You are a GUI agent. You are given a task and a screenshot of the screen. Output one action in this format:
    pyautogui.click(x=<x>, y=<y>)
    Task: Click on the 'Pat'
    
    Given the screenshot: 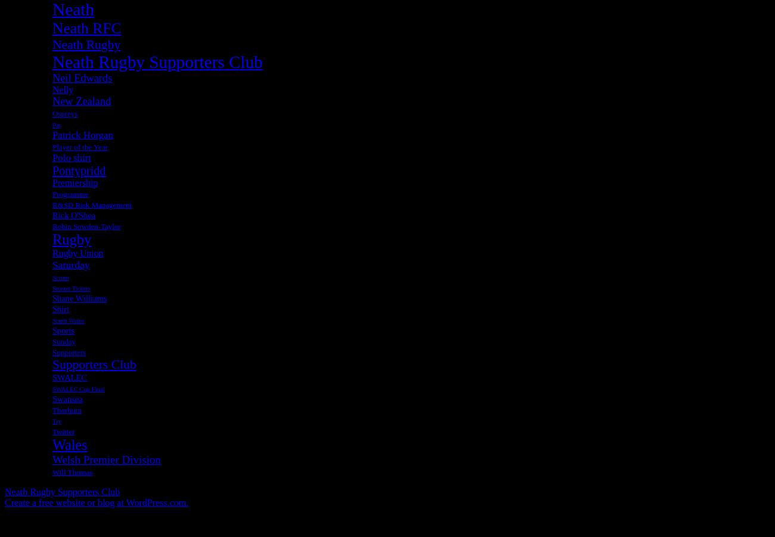 What is the action you would take?
    pyautogui.click(x=56, y=124)
    